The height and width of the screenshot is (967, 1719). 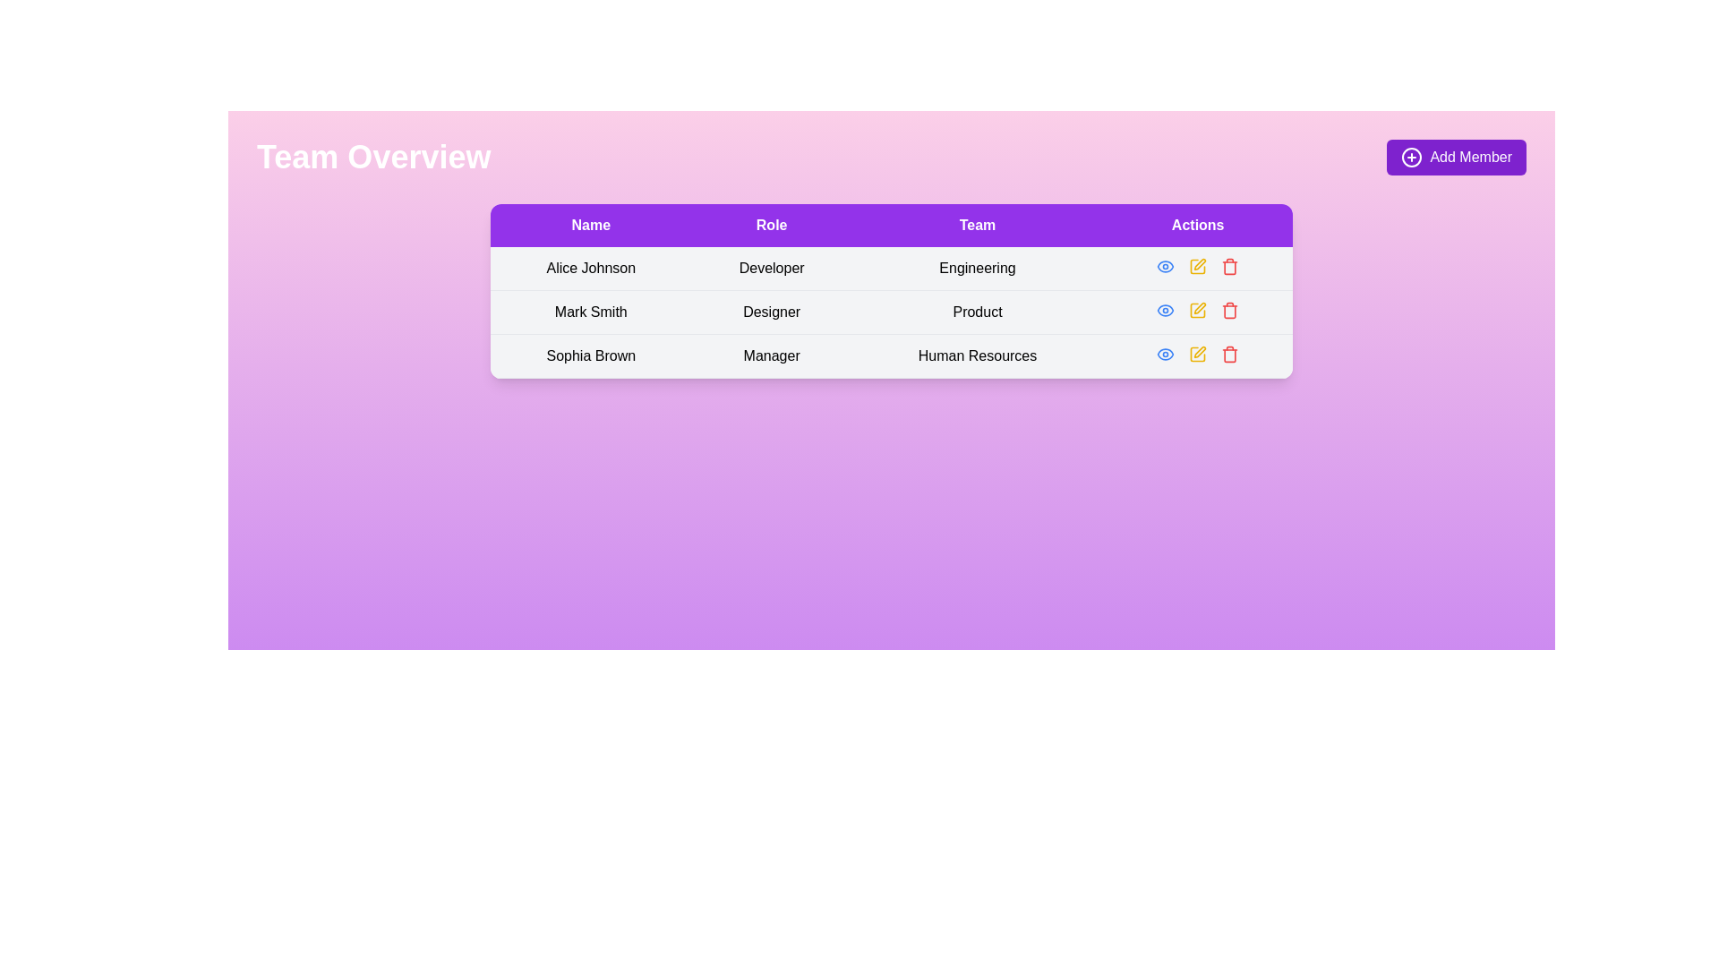 What do you see at coordinates (1198, 310) in the screenshot?
I see `the edit icon button in the 'Actions' column of the table under the 'Mark Smith' row` at bounding box center [1198, 310].